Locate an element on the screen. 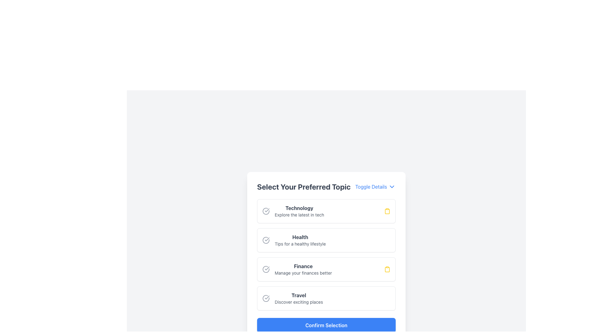  the selectable category option labeled 'Health' within the second card of the 'Select Your Preferred Topic' section is located at coordinates (294, 240).